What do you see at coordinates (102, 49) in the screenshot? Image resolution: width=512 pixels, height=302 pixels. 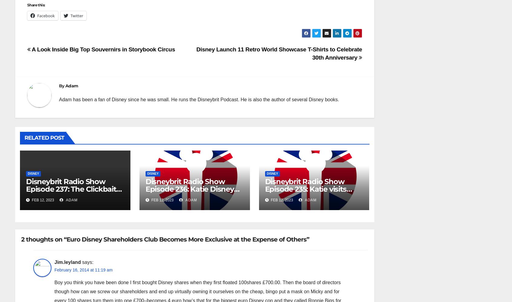 I see `'A Look Inside Big Top Souvernirs in Storybook Circus'` at bounding box center [102, 49].